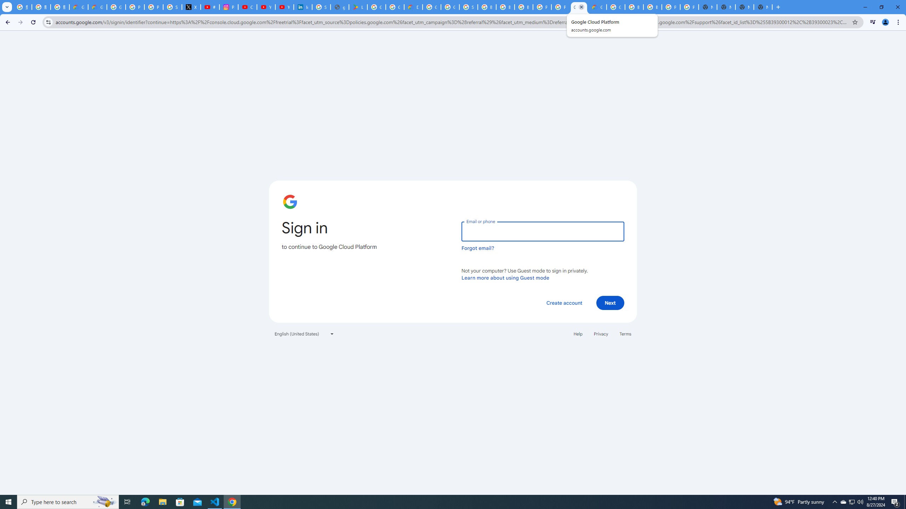  Describe the element at coordinates (763, 7) in the screenshot. I see `'New Tab'` at that location.